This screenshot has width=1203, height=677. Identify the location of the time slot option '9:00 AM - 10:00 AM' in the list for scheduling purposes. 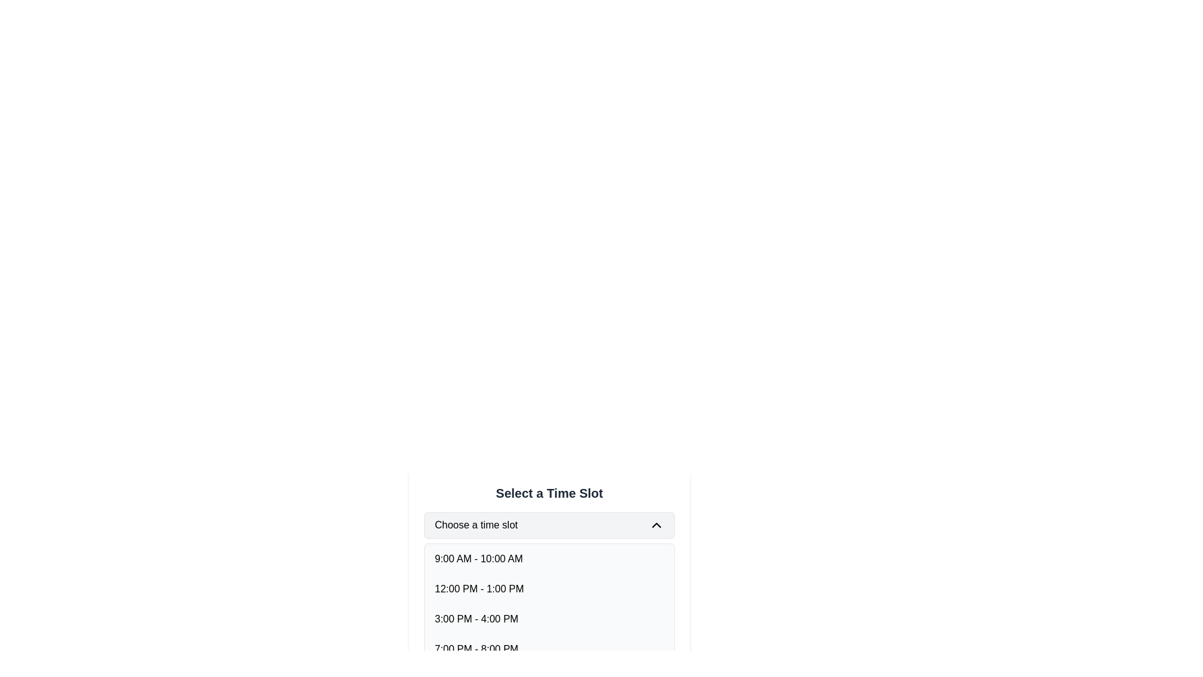
(549, 558).